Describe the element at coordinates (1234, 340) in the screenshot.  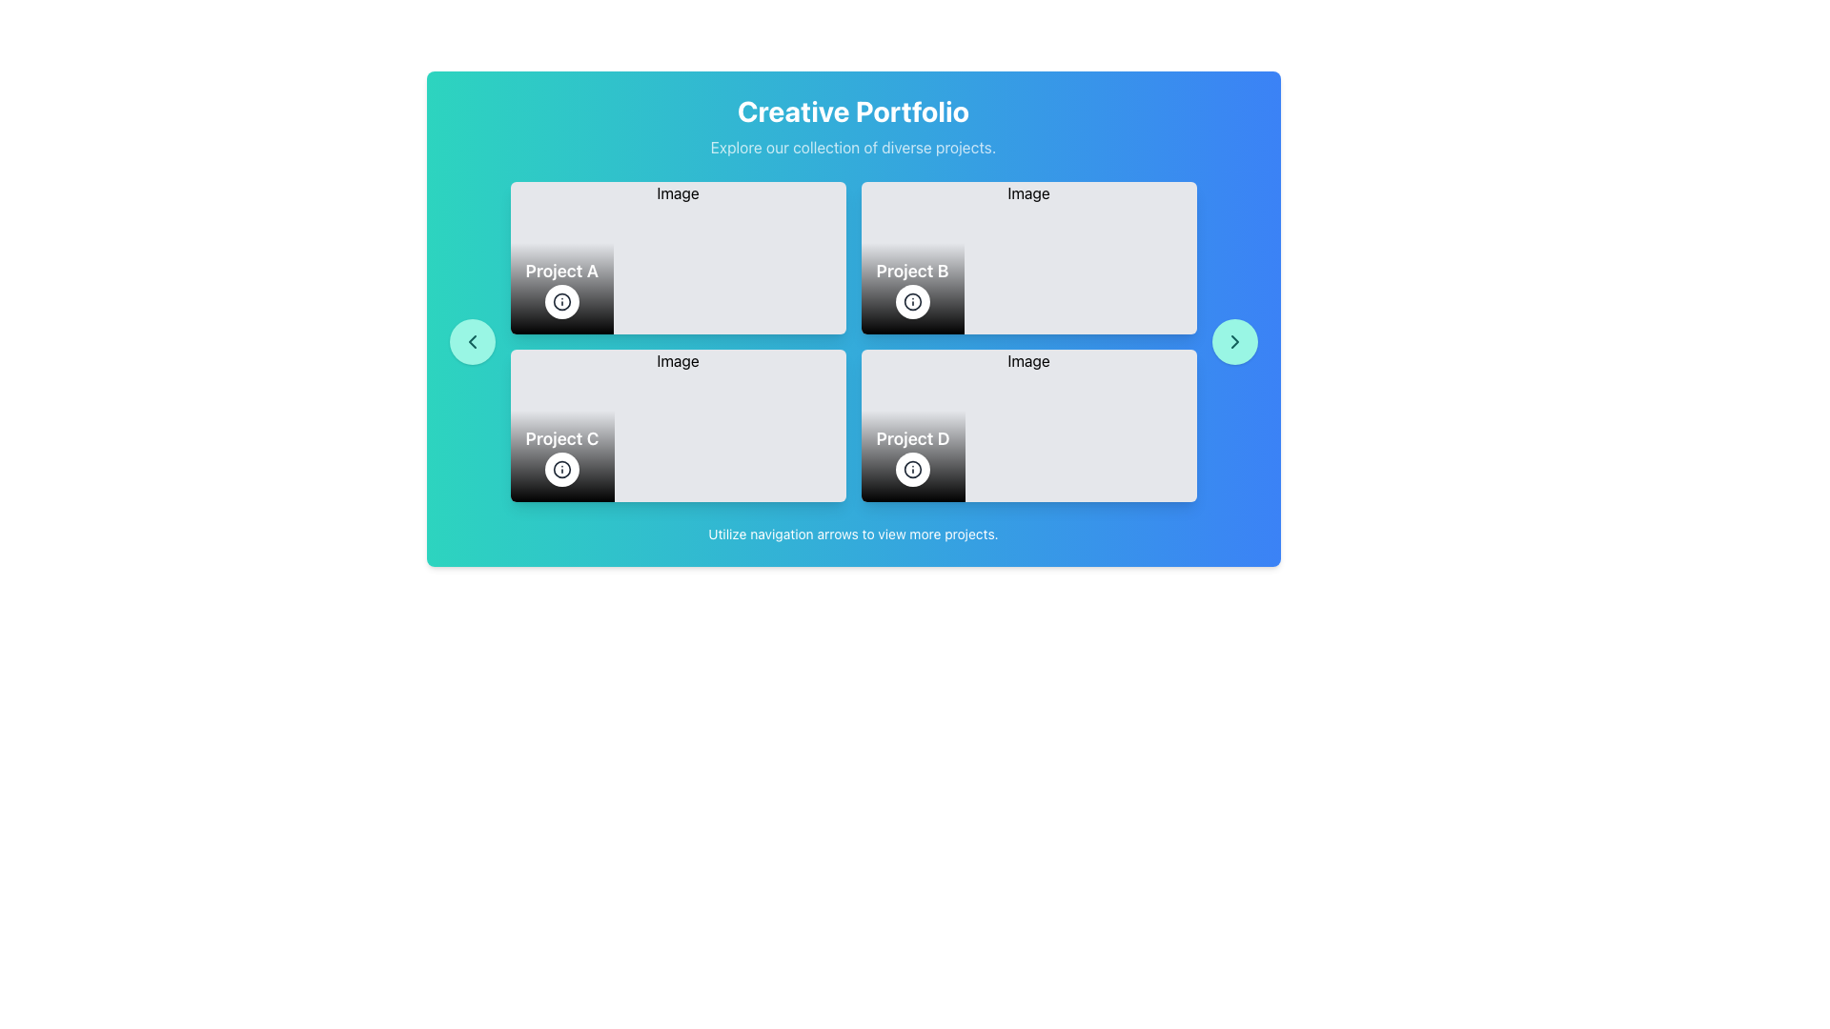
I see `the right-pointing chevron icon embedded in the button` at that location.